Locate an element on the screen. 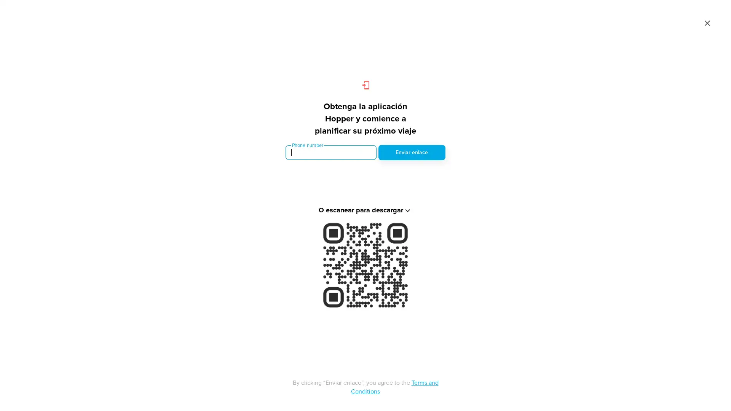  Enviar enlace is located at coordinates (411, 153).